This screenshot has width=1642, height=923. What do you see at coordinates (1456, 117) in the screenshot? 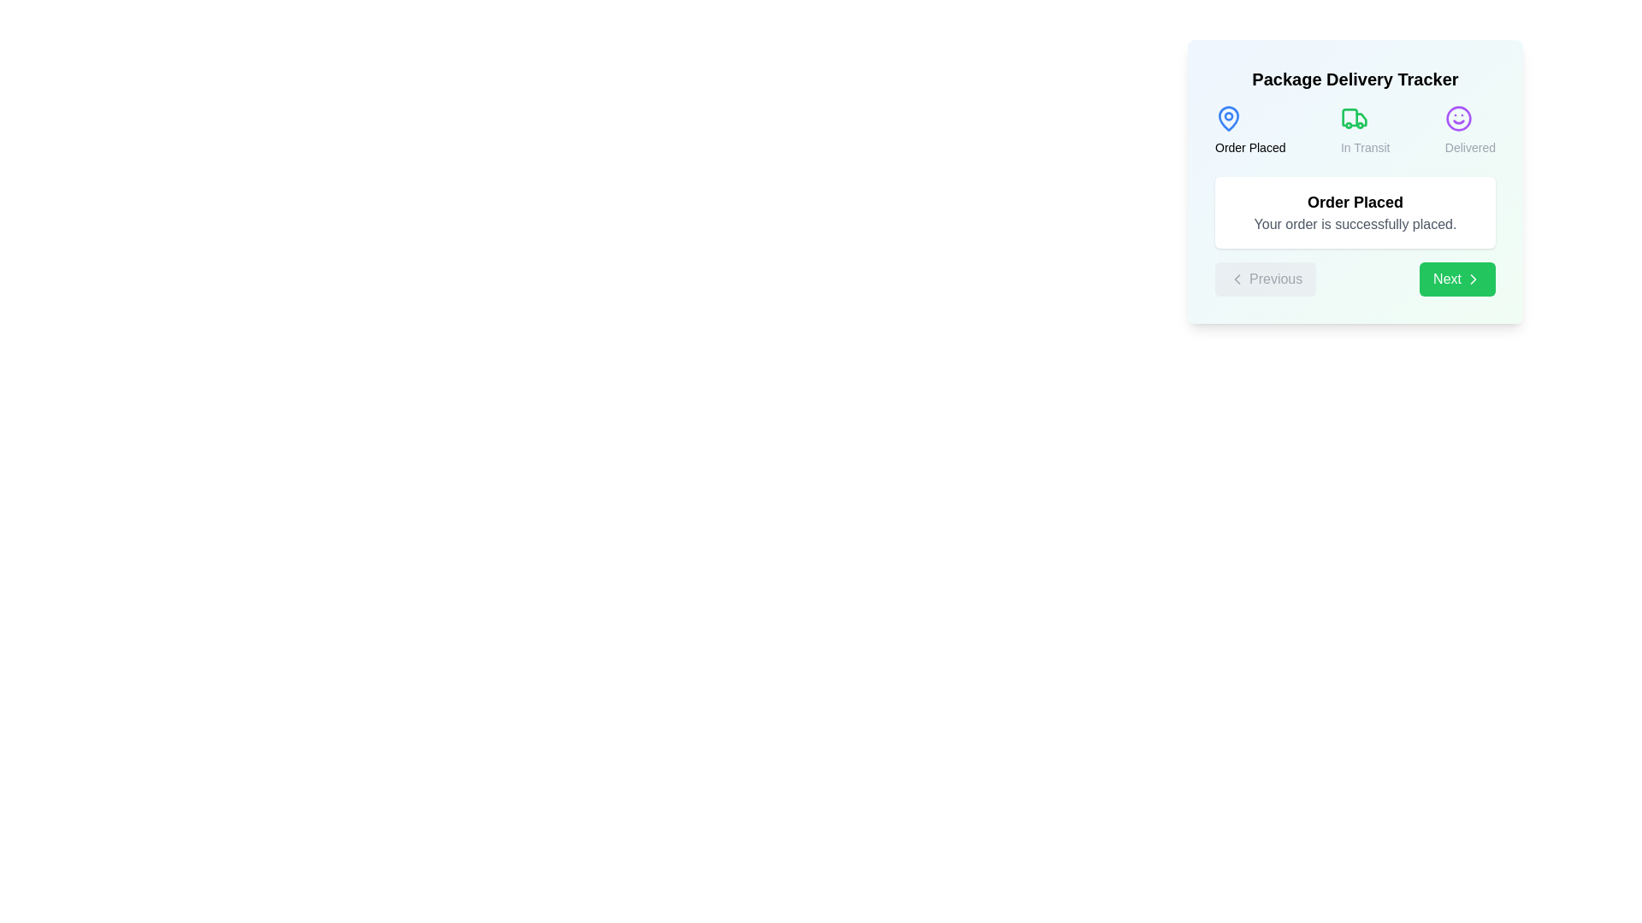
I see `the step icon corresponding to Delivered to view its tooltip` at bounding box center [1456, 117].